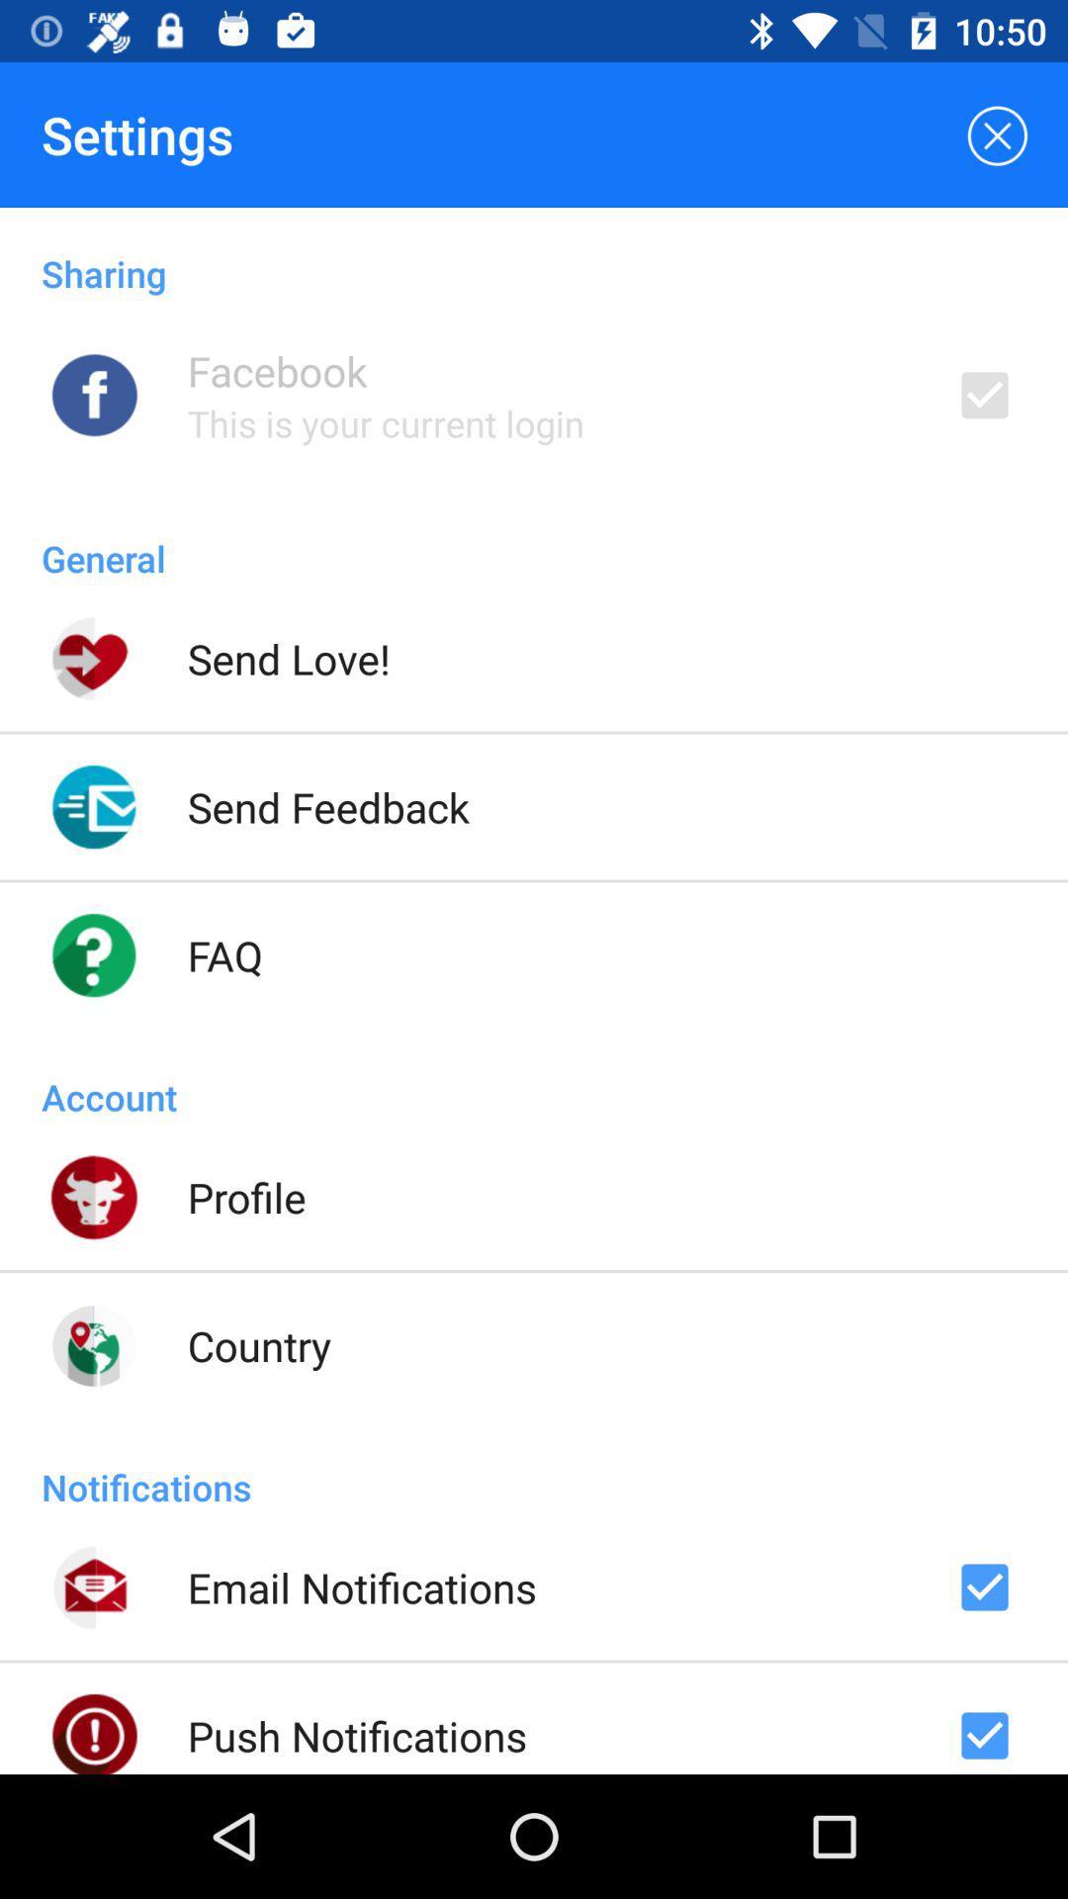 The height and width of the screenshot is (1899, 1068). Describe the element at coordinates (327, 807) in the screenshot. I see `icon above the faq` at that location.